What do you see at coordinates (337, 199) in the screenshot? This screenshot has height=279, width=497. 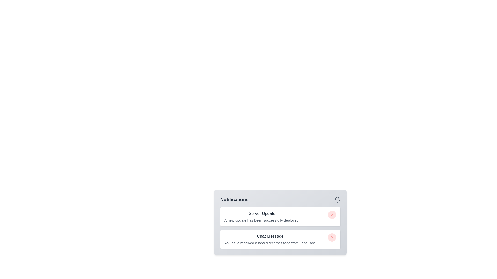 I see `the bell-shaped icon located in the upper-right corner of the notification section, which serves as a visual representation of notifications or alerts` at bounding box center [337, 199].